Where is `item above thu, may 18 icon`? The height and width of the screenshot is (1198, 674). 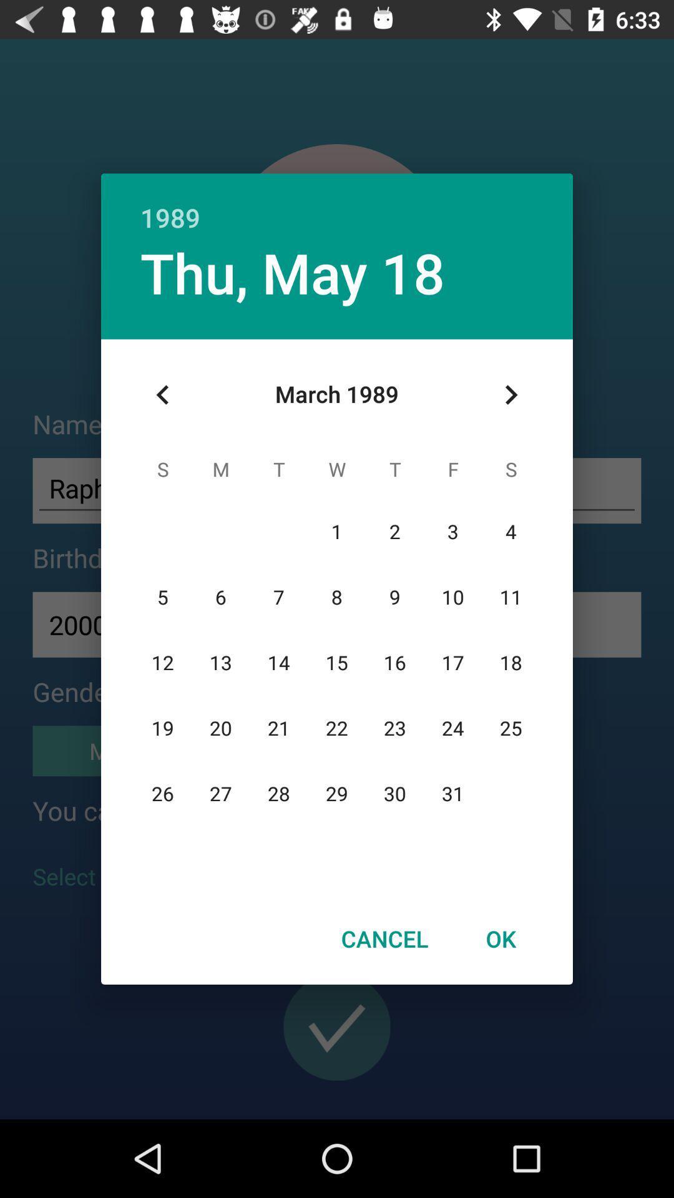
item above thu, may 18 icon is located at coordinates (337, 204).